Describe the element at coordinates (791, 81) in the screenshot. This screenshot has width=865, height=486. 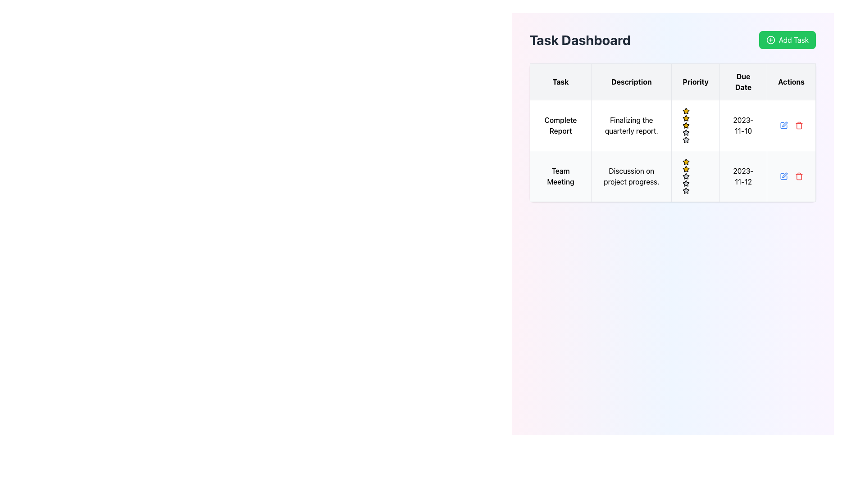
I see `the table header cell labeled 'Actions', which is the last column header in the table, styled with bold black text on a light gray background` at that location.